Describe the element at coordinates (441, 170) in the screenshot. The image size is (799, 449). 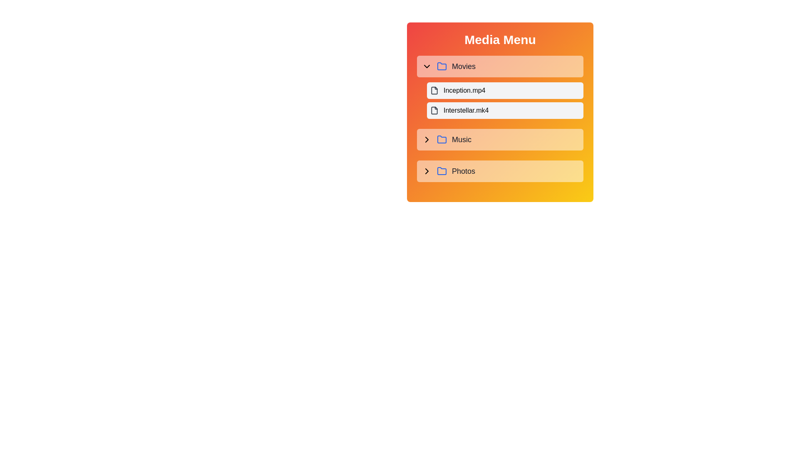
I see `the folder icon in the 'Photos' section of the 'Media Menu'` at that location.